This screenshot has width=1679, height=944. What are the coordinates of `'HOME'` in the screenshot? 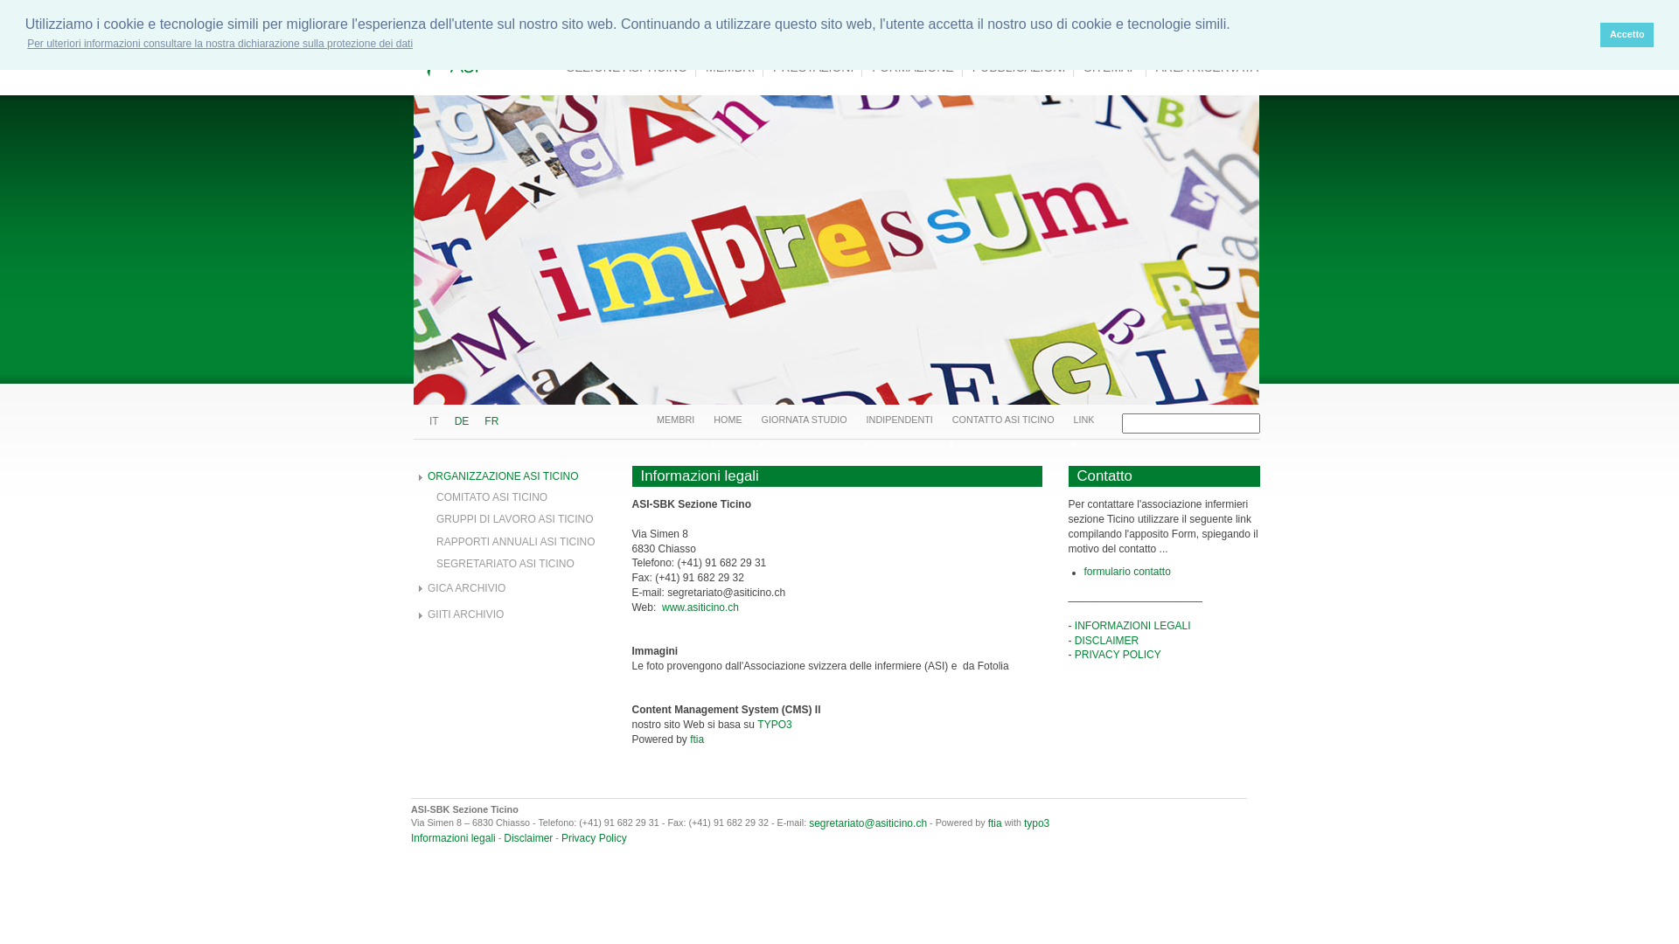 It's located at (727, 419).